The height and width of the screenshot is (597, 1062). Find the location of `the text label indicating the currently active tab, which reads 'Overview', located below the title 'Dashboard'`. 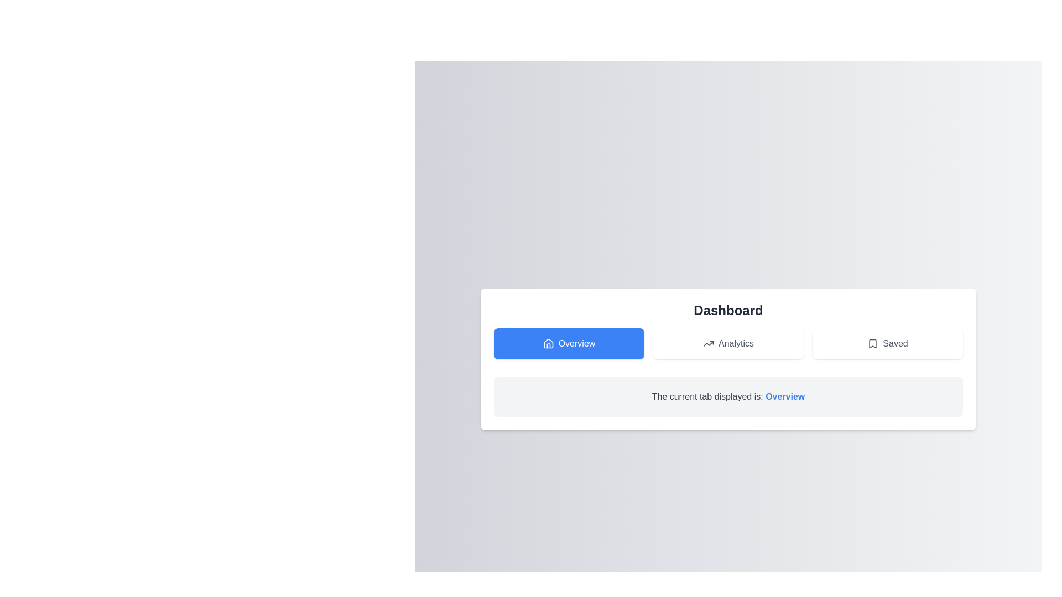

the text label indicating the currently active tab, which reads 'Overview', located below the title 'Dashboard' is located at coordinates (784, 396).